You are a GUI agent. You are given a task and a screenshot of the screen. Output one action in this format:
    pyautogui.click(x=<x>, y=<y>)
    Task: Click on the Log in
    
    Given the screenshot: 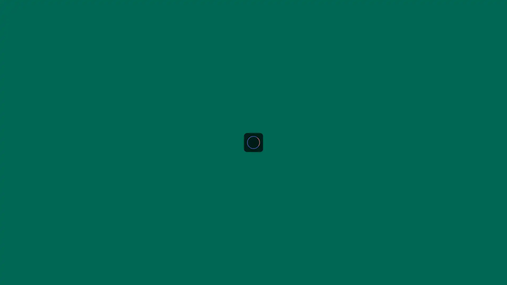 What is the action you would take?
    pyautogui.click(x=470, y=7)
    